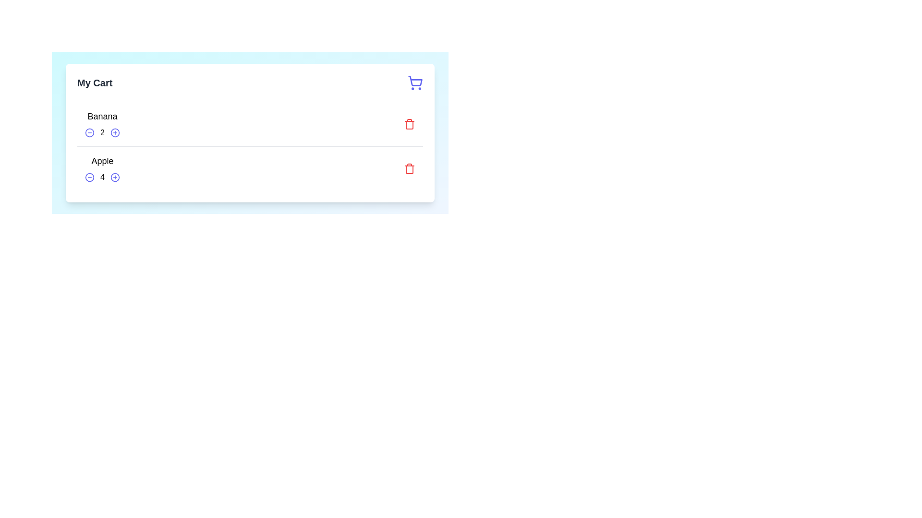  I want to click on the decrement button for reducing the quantity of 'Banana' in the cart, so click(90, 133).